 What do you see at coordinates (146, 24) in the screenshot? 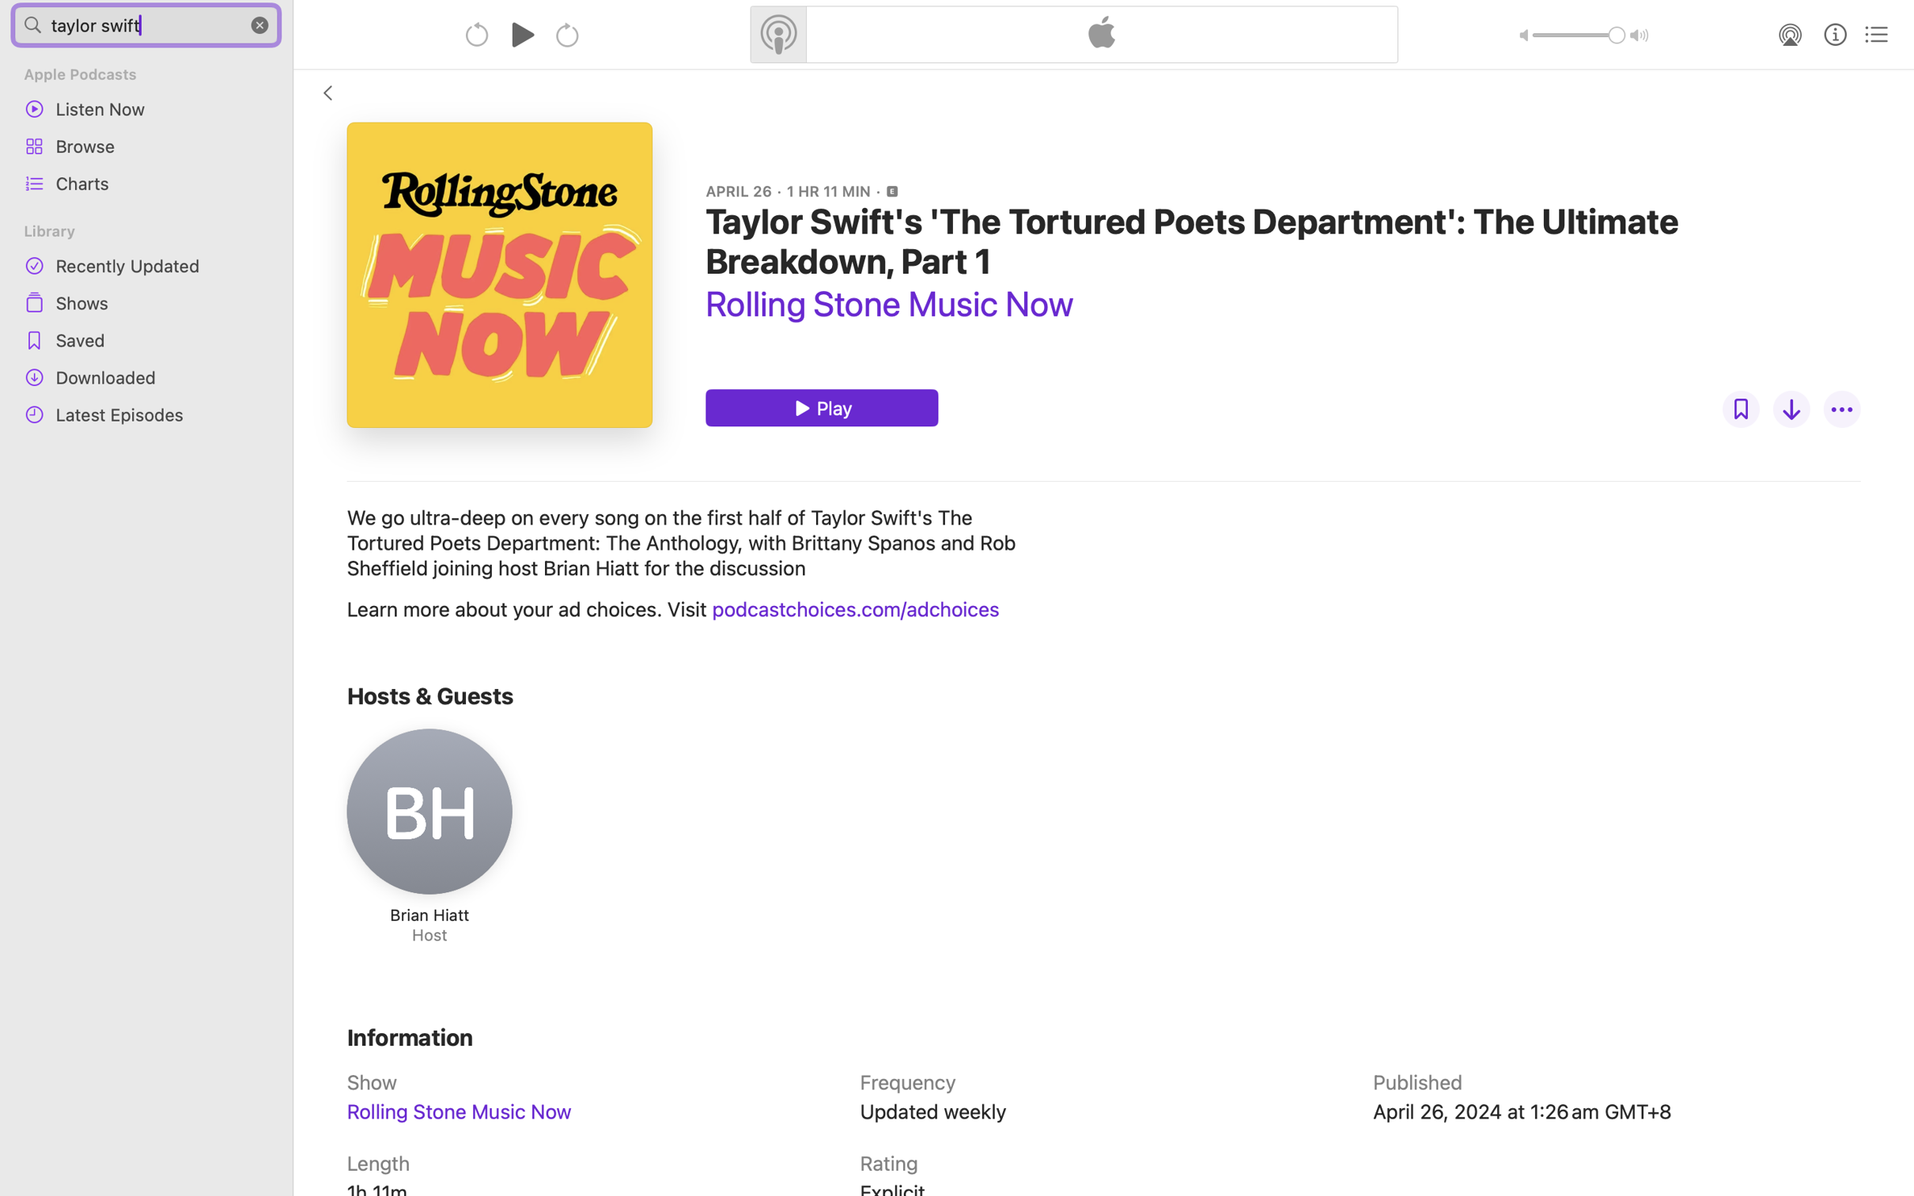
I see `'taylor swift'` at bounding box center [146, 24].